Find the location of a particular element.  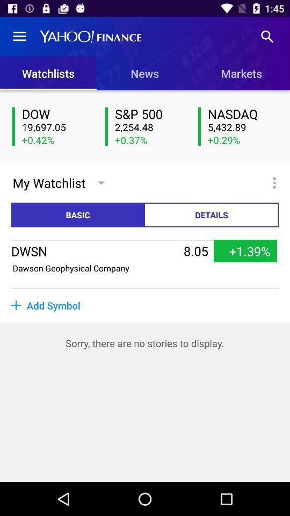

icon below the s&p 500 item is located at coordinates (149, 127).